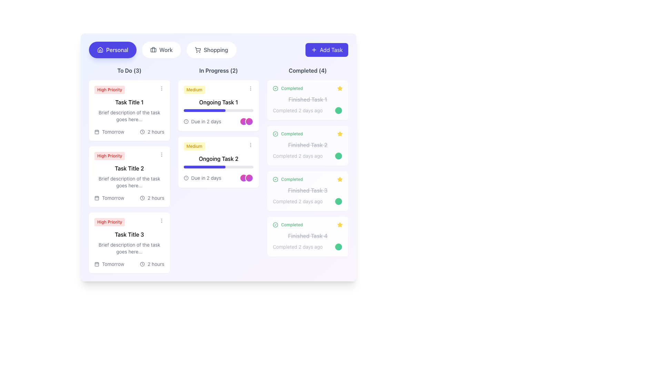 The width and height of the screenshot is (662, 372). What do you see at coordinates (129, 156) in the screenshot?
I see `the 'High Priority' label with a red background and red text located at the top-left corner of the task card titled 'Task Title 2' in the 'To Do' section` at bounding box center [129, 156].